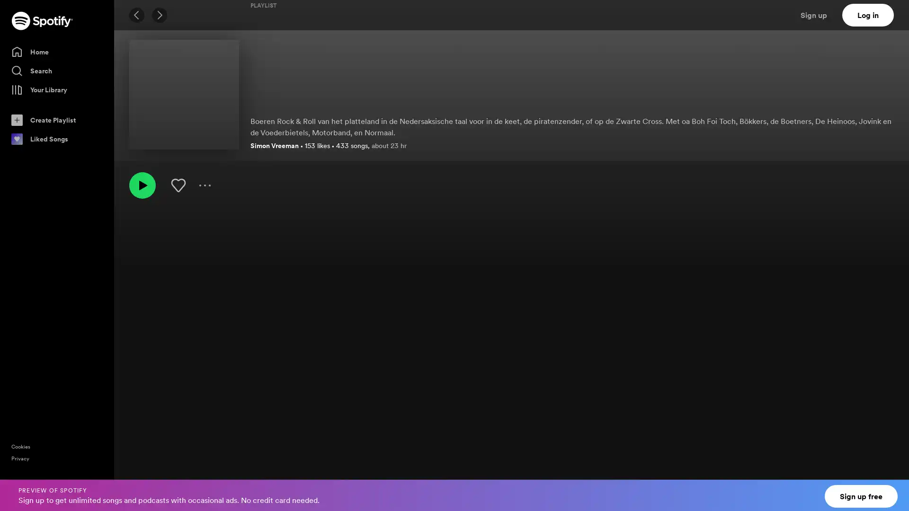 This screenshot has height=511, width=909. What do you see at coordinates (868, 15) in the screenshot?
I see `Log in` at bounding box center [868, 15].